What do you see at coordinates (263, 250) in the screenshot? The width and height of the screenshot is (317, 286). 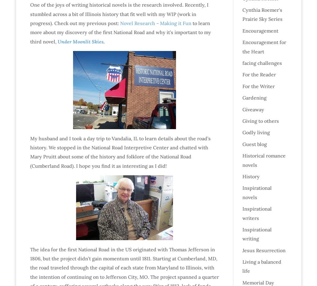 I see `'Jesus Resurrection'` at bounding box center [263, 250].